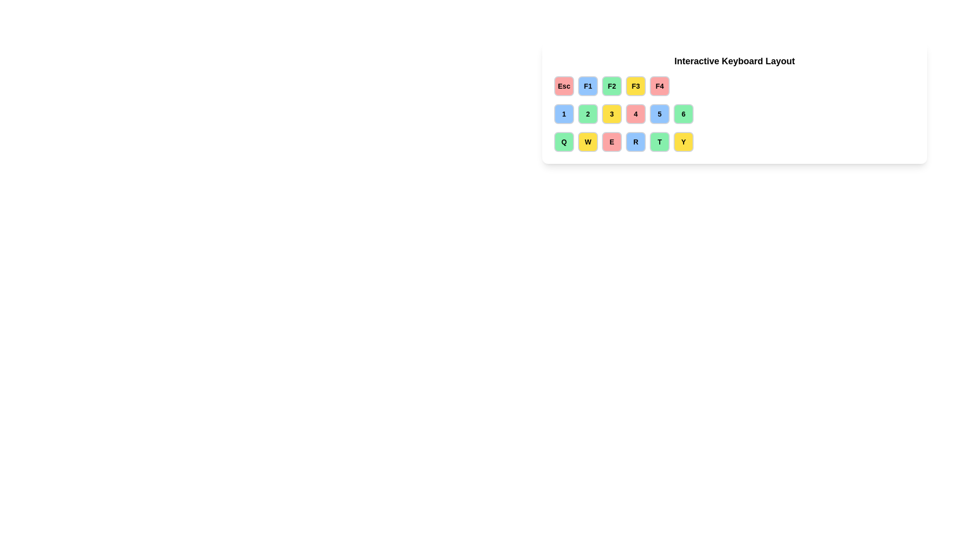  What do you see at coordinates (611, 142) in the screenshot?
I see `the Static Label Button displaying the letter 'E' with a pastel red background and grey border, which is the third button in the 'QWERTY' layout` at bounding box center [611, 142].